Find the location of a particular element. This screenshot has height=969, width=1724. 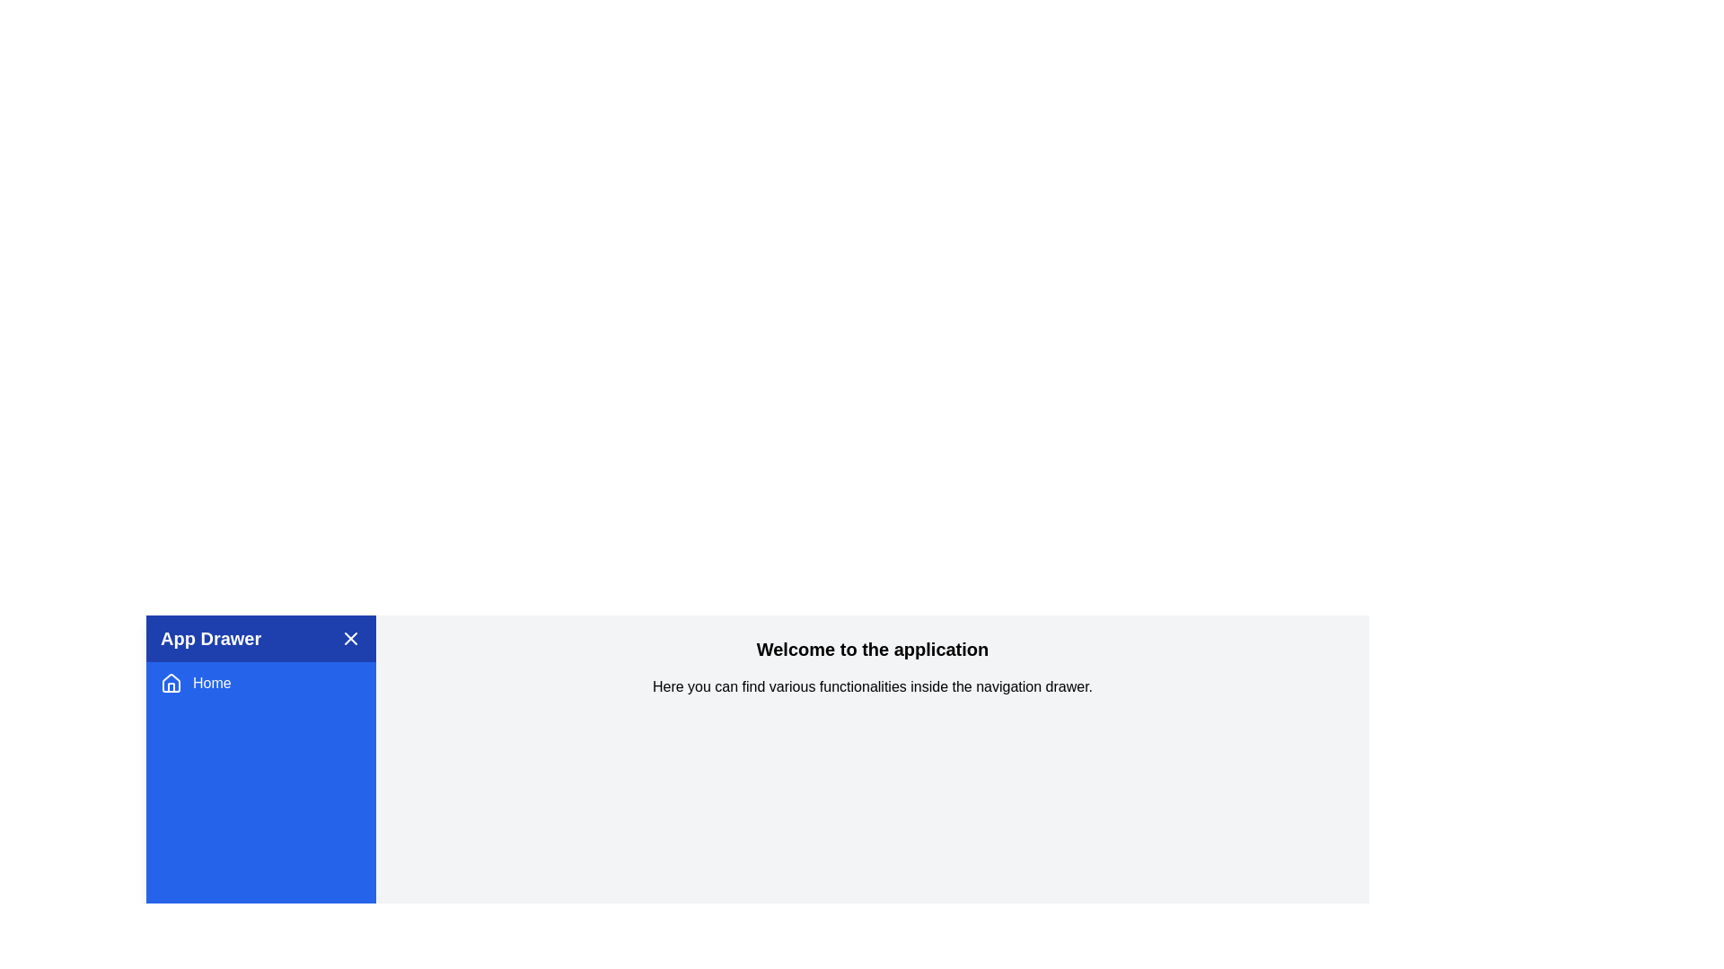

the 'X' icon in the top-right corner of the app drawer header is located at coordinates (350, 638).